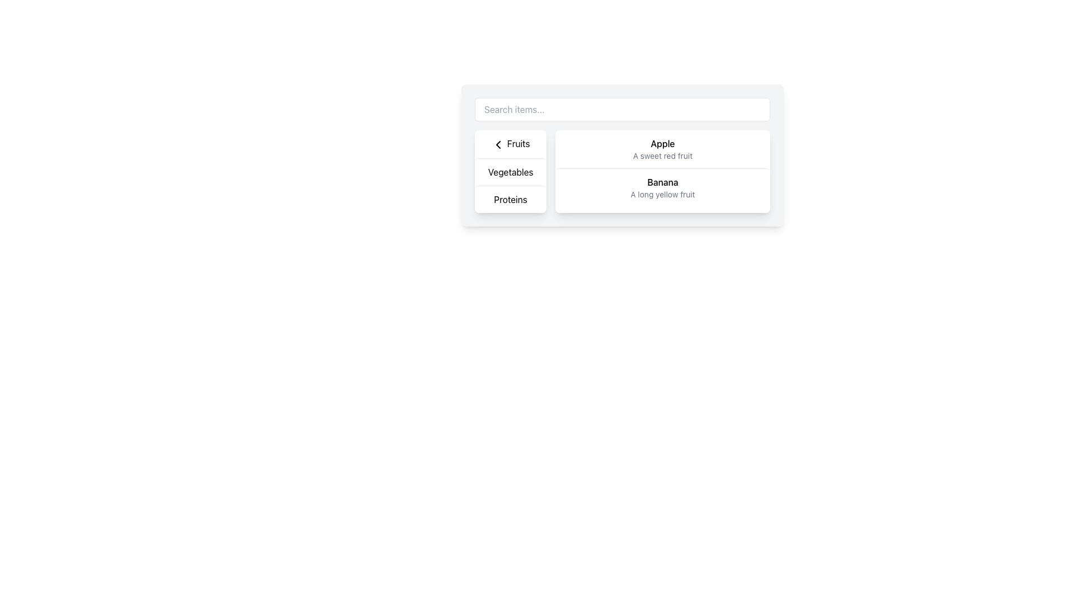 The width and height of the screenshot is (1074, 604). I want to click on the left-facing chevron icon, which has a thin black outline and is aligned with the 'Fruits' label in the vertical list of categories, so click(497, 144).